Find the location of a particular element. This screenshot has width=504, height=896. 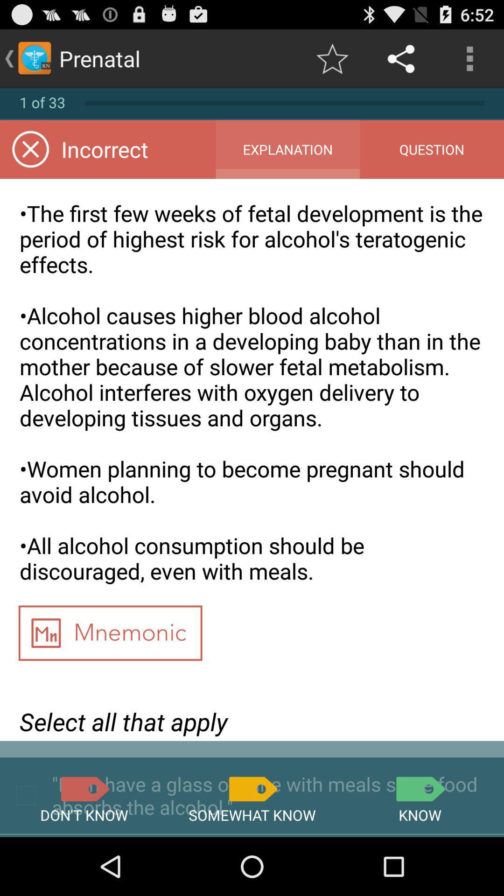

mnemonic is located at coordinates (110, 636).